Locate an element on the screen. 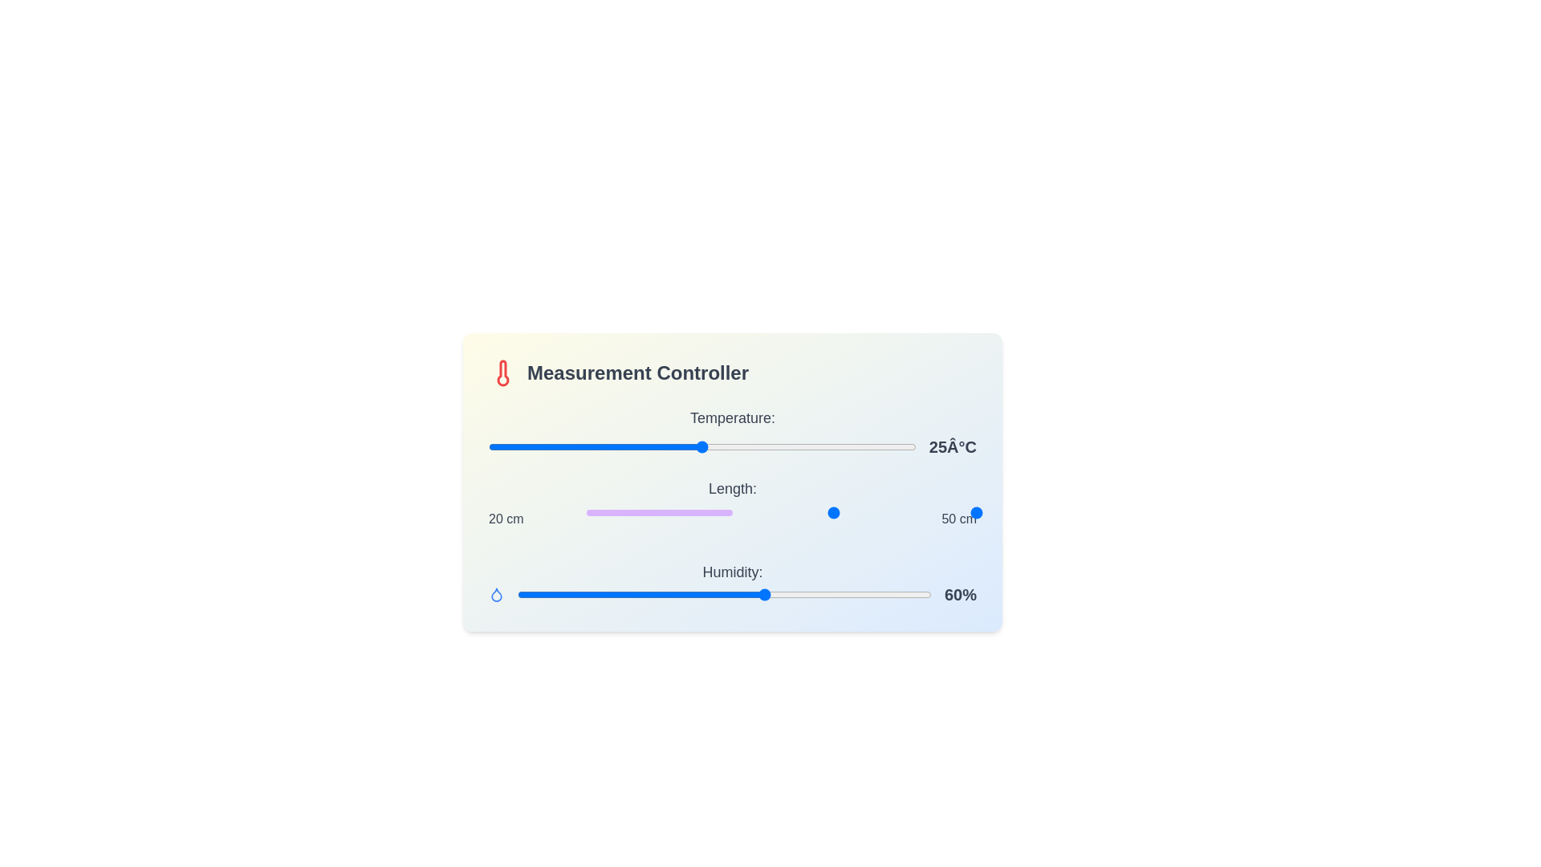 The image size is (1541, 867). the Interactive measurement control panel located centrally is located at coordinates (731, 482).